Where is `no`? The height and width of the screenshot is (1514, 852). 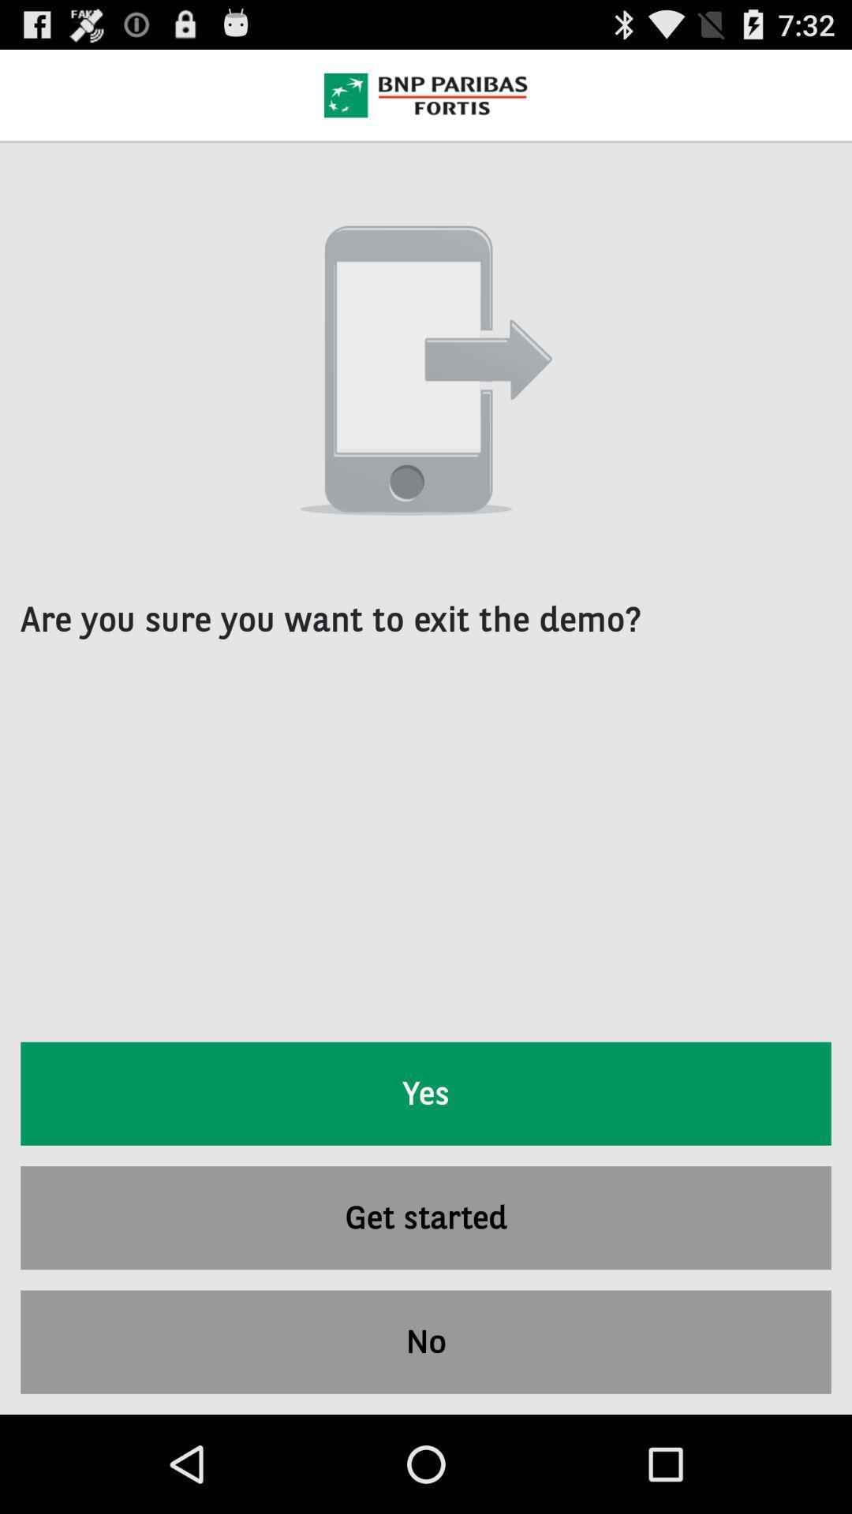 no is located at coordinates (426, 1341).